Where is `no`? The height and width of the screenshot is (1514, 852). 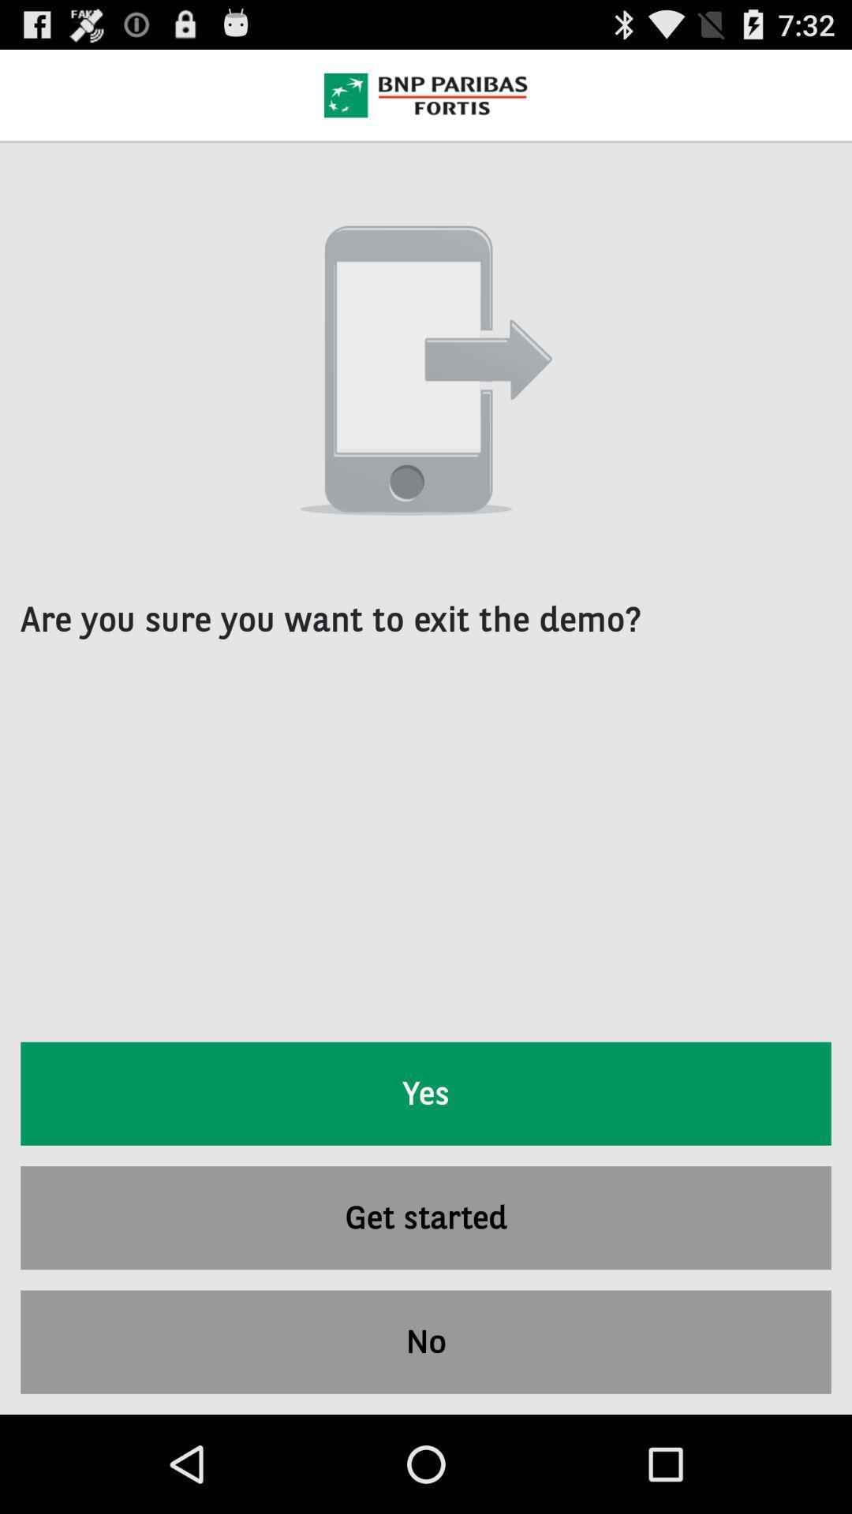 no is located at coordinates (426, 1341).